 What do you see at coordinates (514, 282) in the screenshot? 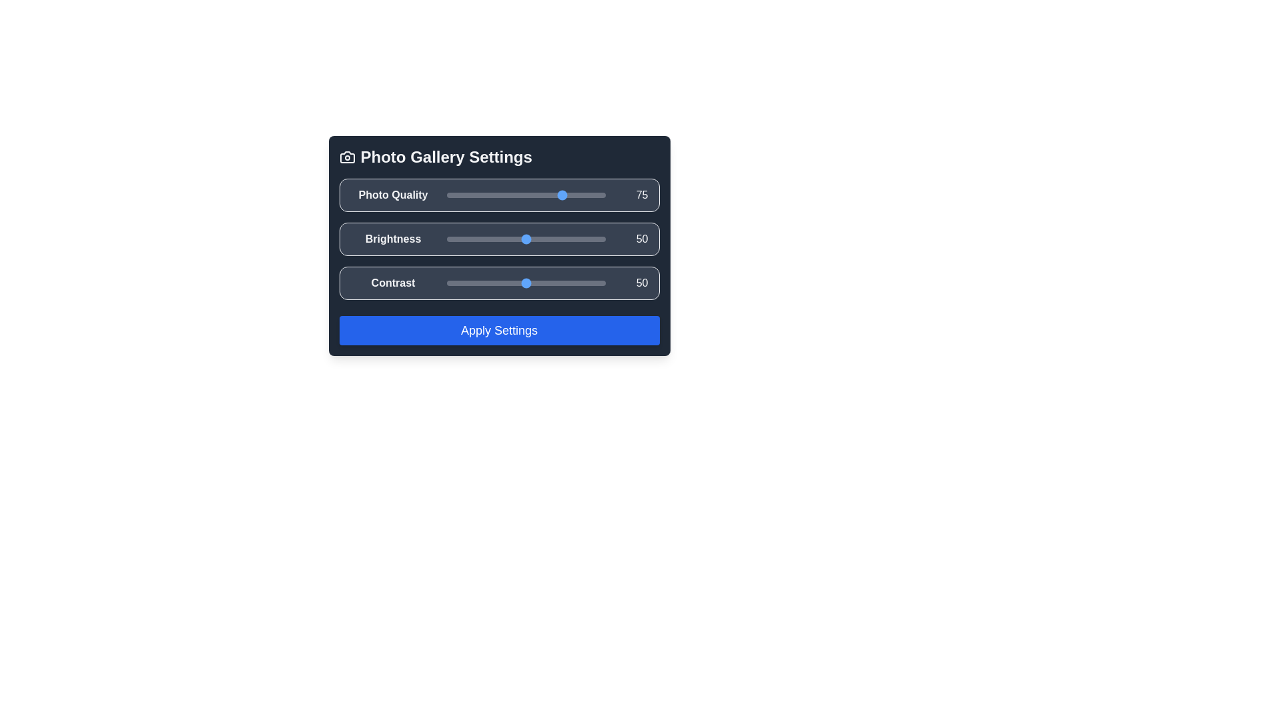
I see `the contrast` at bounding box center [514, 282].